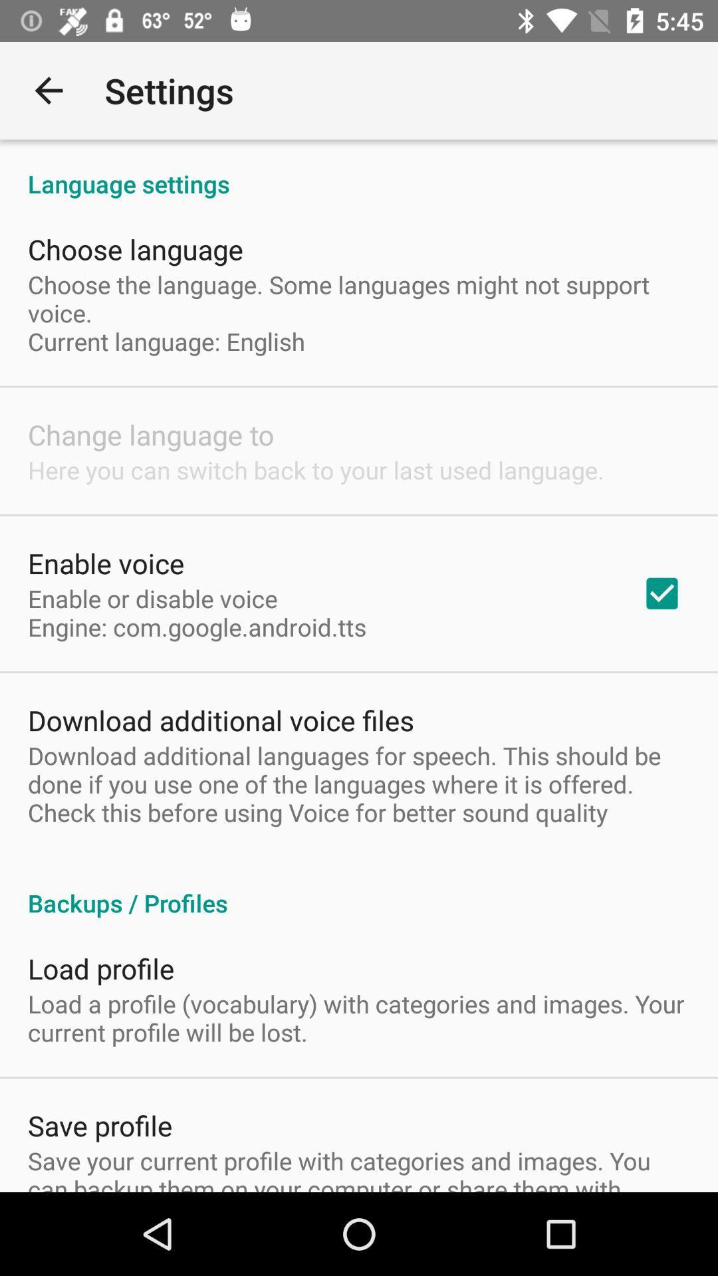 Image resolution: width=718 pixels, height=1276 pixels. What do you see at coordinates (359, 169) in the screenshot?
I see `the language settings icon` at bounding box center [359, 169].